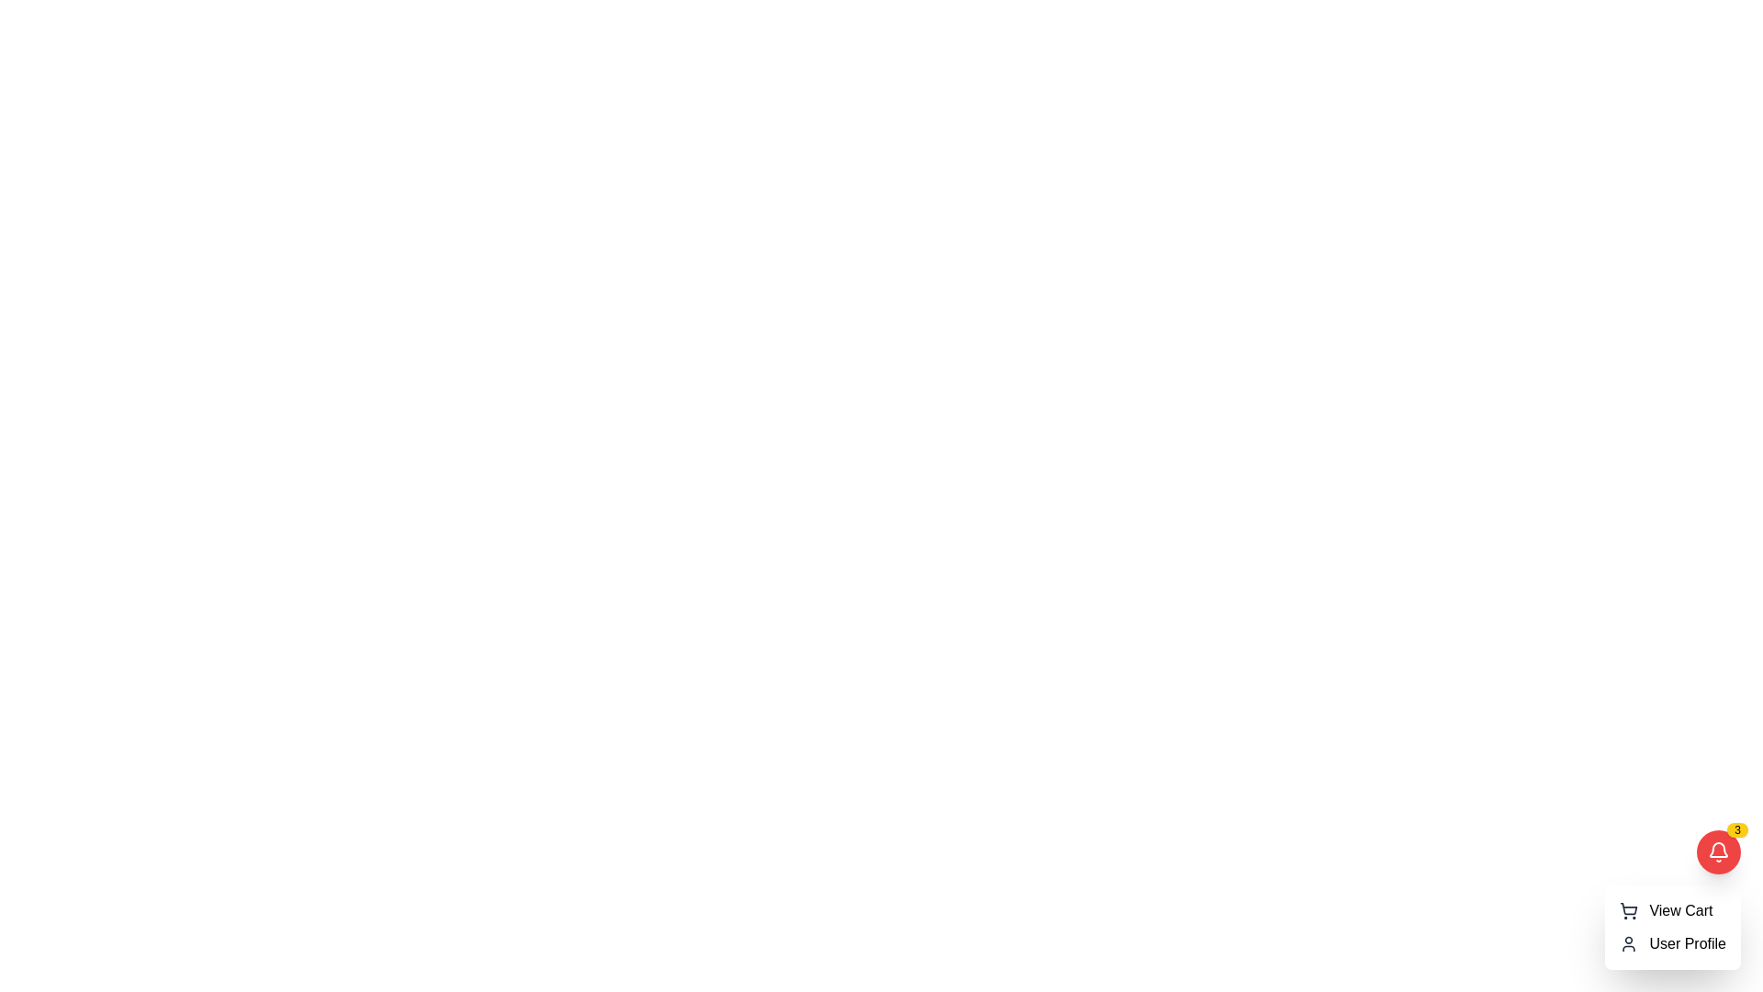 Image resolution: width=1763 pixels, height=992 pixels. Describe the element at coordinates (1629, 910) in the screenshot. I see `the shopping cart icon located to the left of the 'View Cart' text` at that location.